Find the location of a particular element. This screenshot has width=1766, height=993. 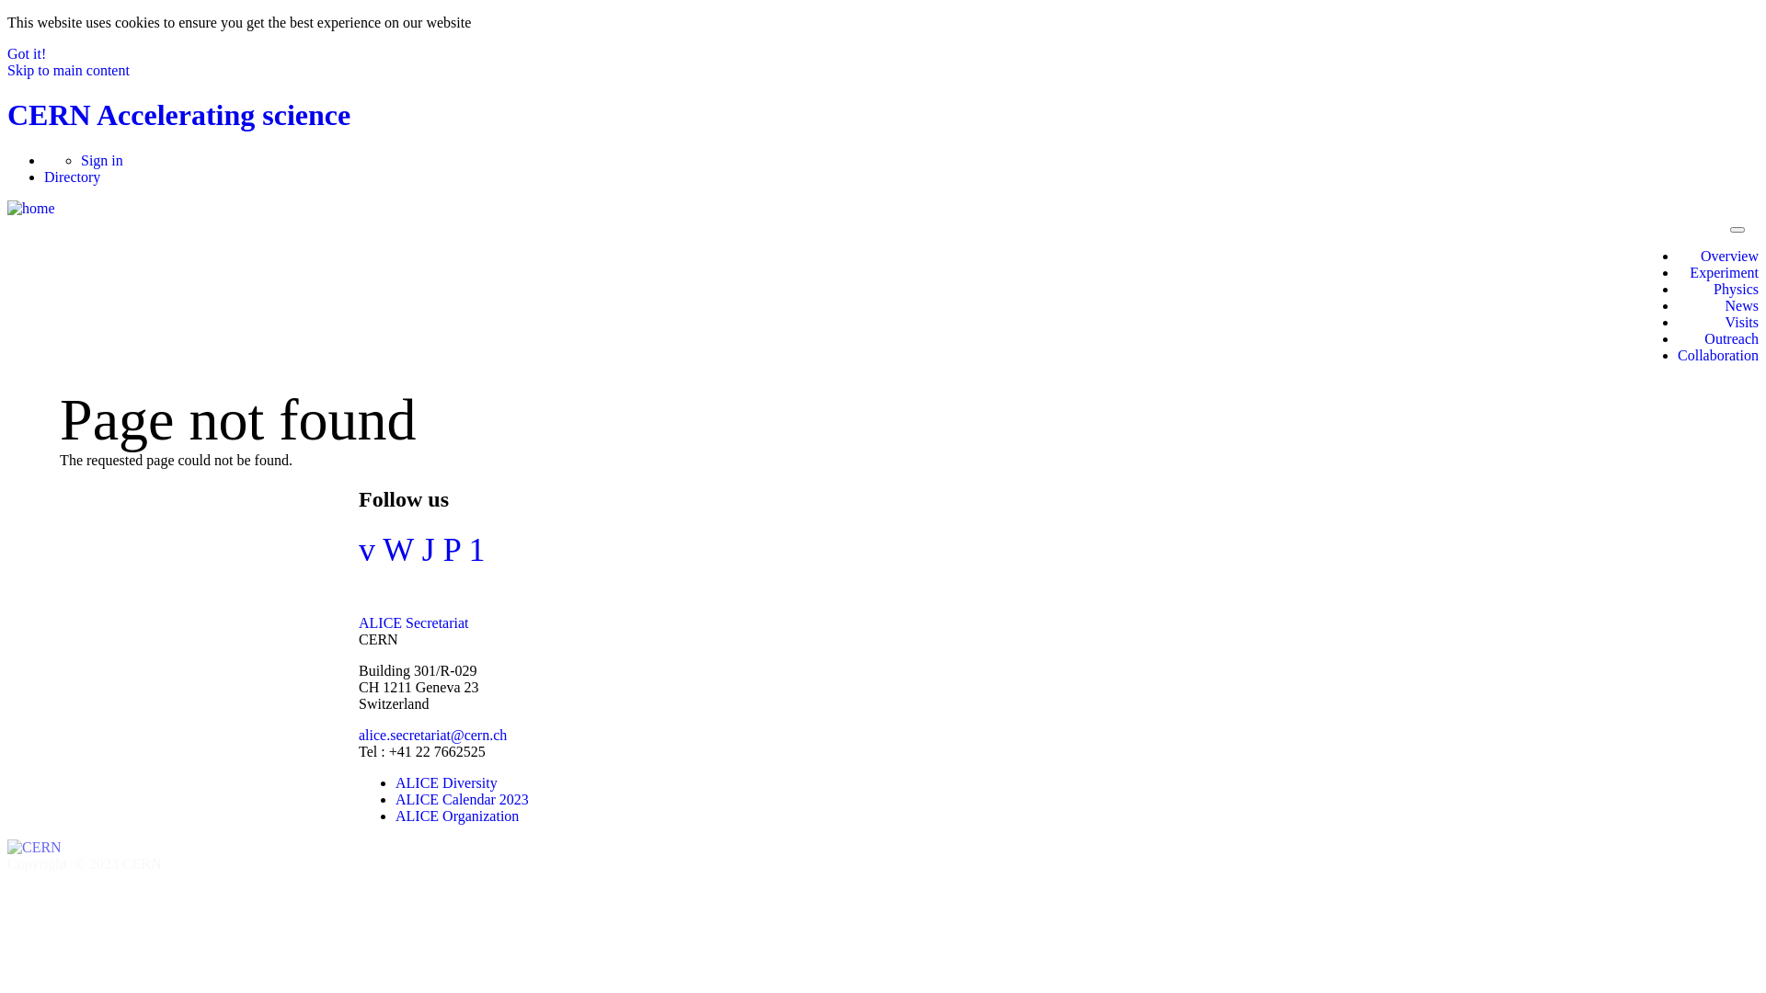

'W' is located at coordinates (396, 548).